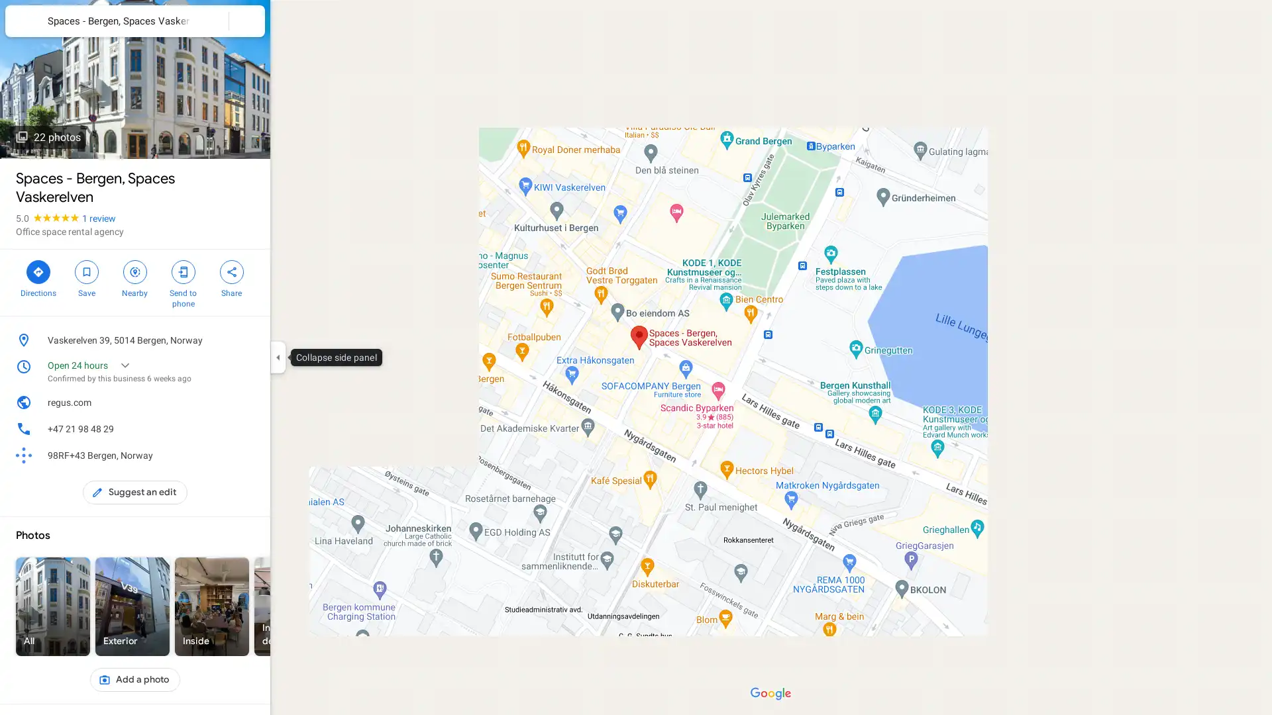 Image resolution: width=1272 pixels, height=715 pixels. Describe the element at coordinates (291, 606) in the screenshot. I see `Interior design` at that location.